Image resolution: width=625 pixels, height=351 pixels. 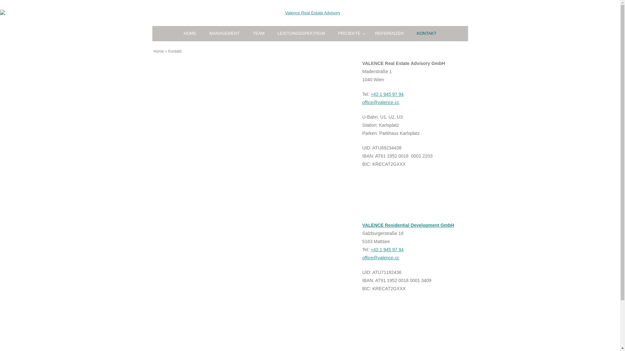 What do you see at coordinates (202, 33) in the screenshot?
I see `'MANAGEMENT'` at bounding box center [202, 33].